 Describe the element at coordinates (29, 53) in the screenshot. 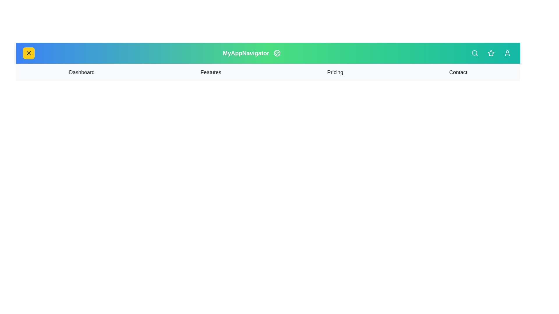

I see `the menu toggle button to toggle the menu state` at that location.